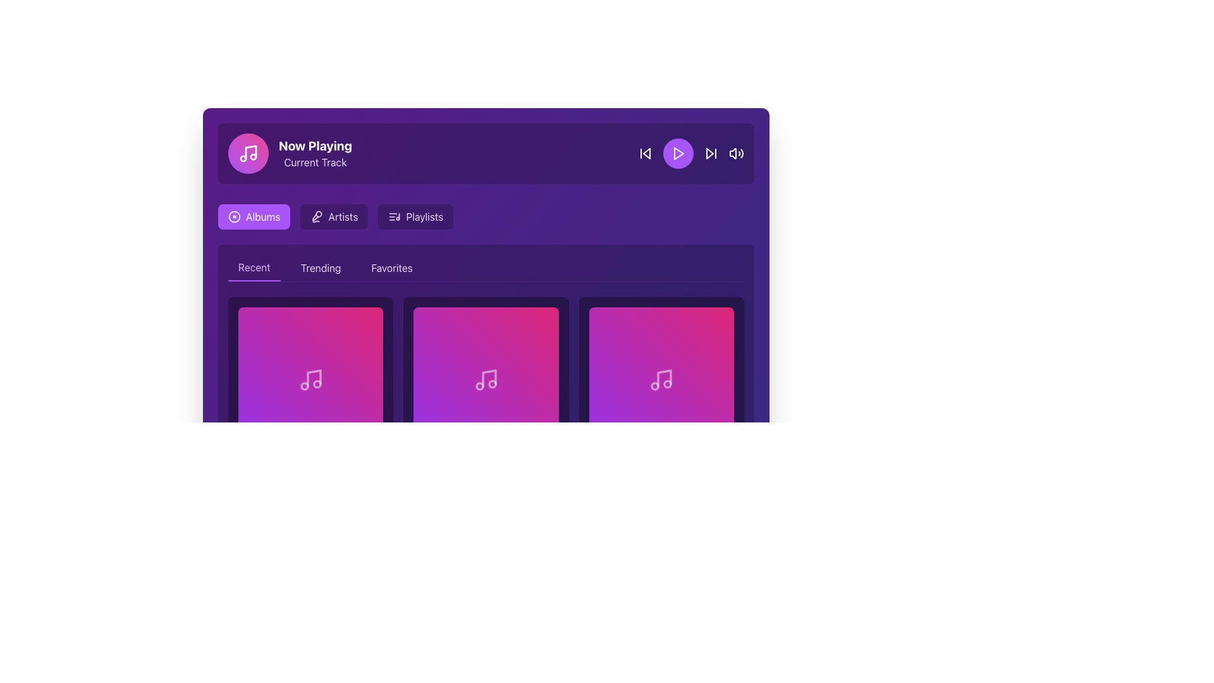 The image size is (1214, 683). I want to click on the 'Trending' button, which is a text label with a purple font color that becomes lighter on hover and is centrally aligned among three clickable labels ('Recent', 'Trending', 'Favorites'), so click(321, 268).